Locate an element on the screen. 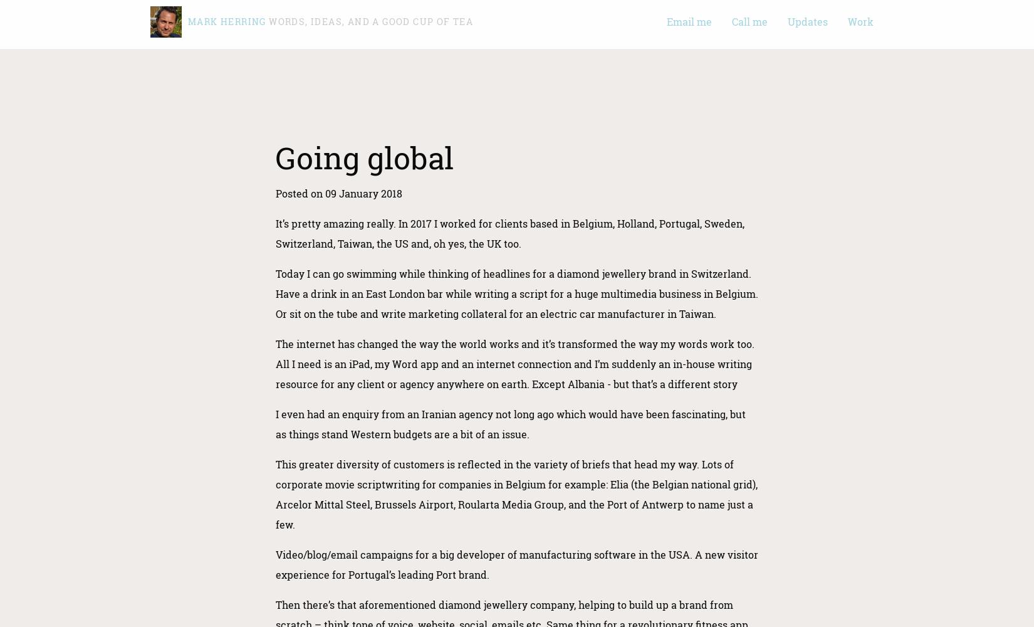 The width and height of the screenshot is (1034, 627). 'Going global' is located at coordinates (363, 157).